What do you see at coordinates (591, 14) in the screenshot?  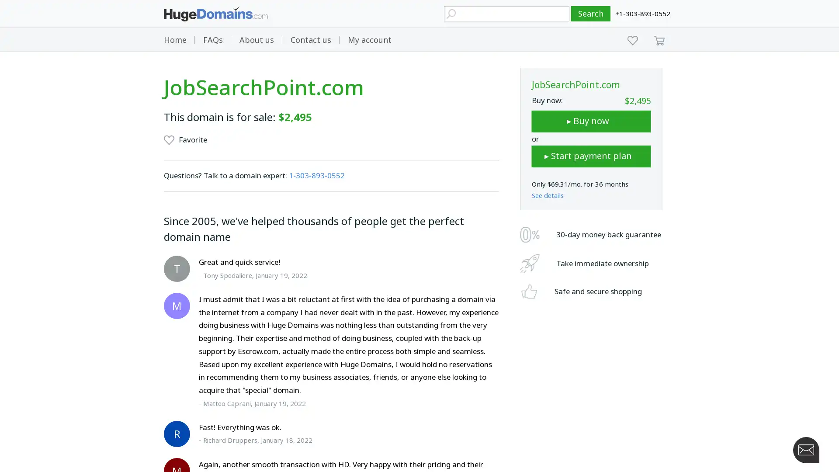 I see `Search` at bounding box center [591, 14].